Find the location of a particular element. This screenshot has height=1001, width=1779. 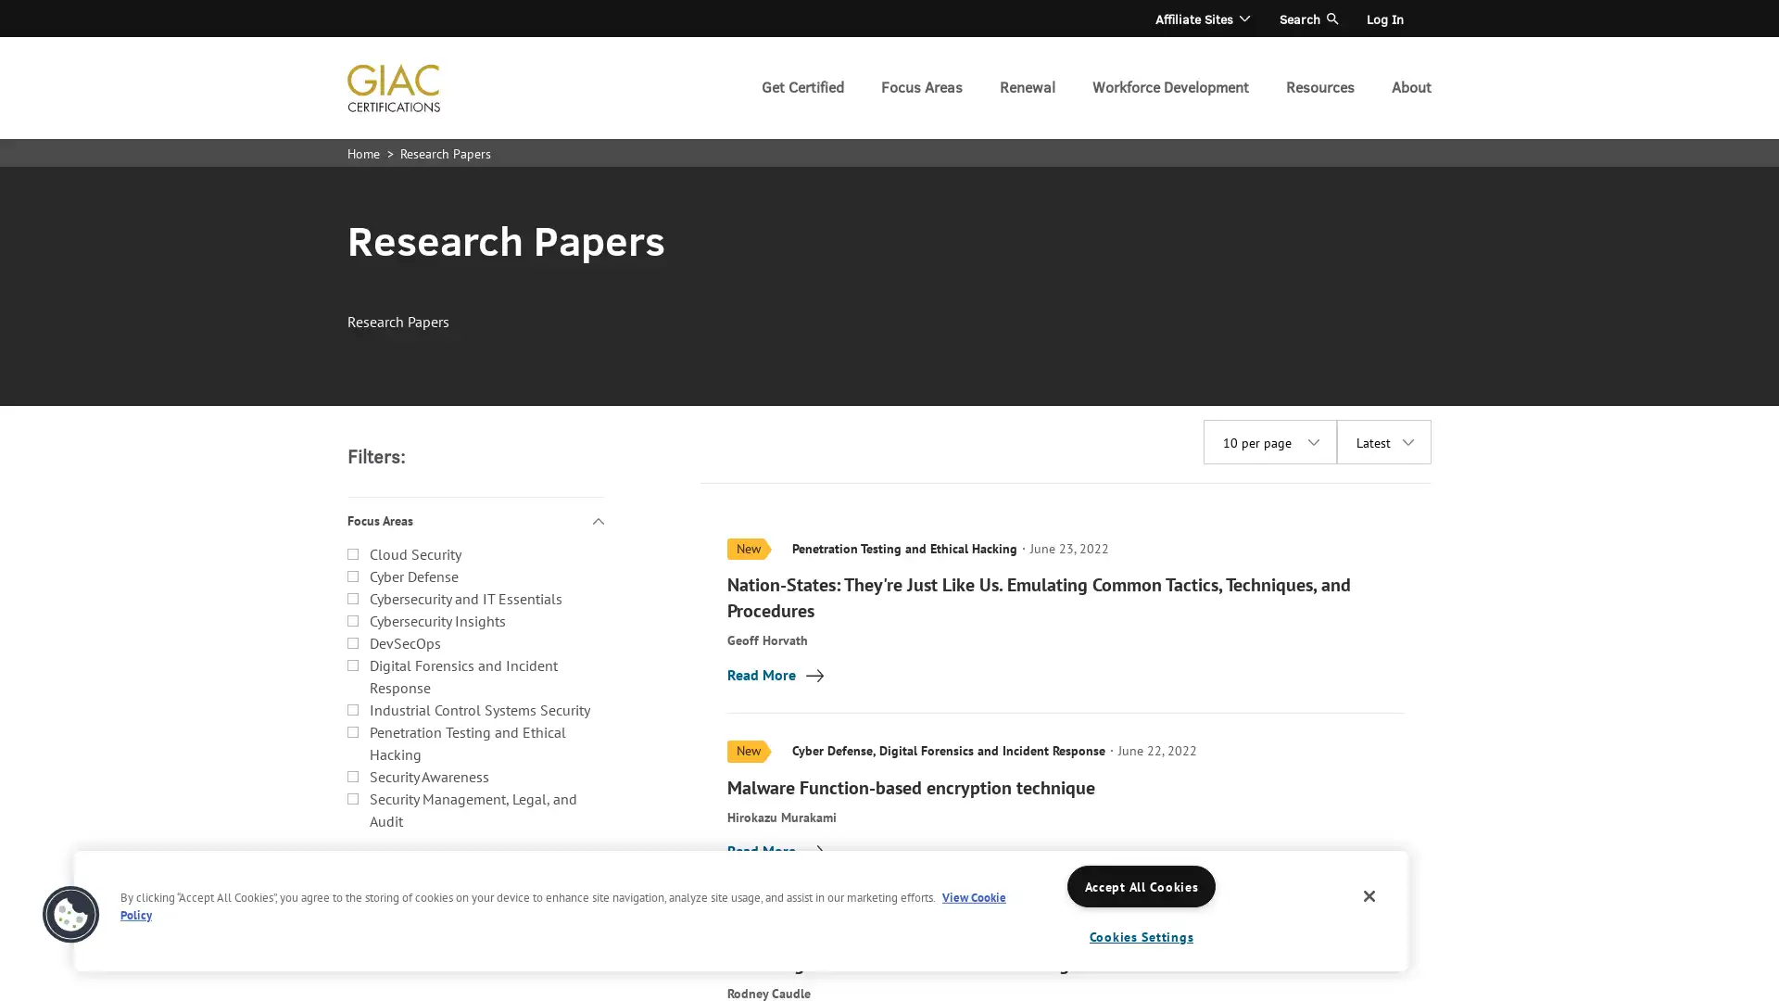

Cookies Settings is located at coordinates (1141, 936).